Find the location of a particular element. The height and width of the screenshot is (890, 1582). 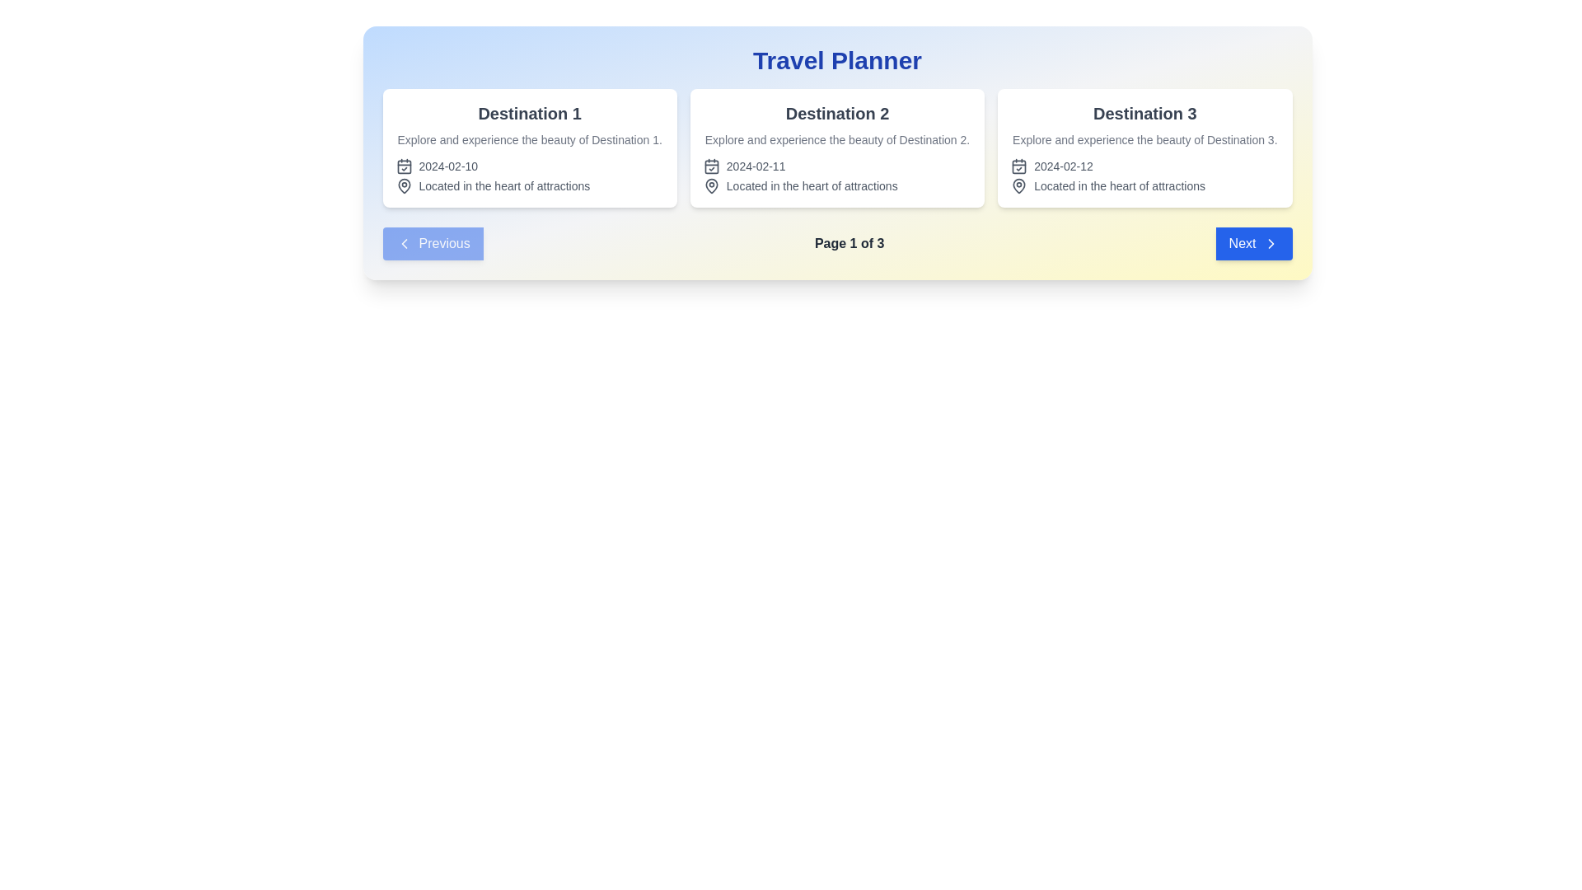

the symbol of the icon located in the panel for 'Destination 2', positioned below the main text and date, to the left of 'Located in the heart of attractions' is located at coordinates (711, 185).